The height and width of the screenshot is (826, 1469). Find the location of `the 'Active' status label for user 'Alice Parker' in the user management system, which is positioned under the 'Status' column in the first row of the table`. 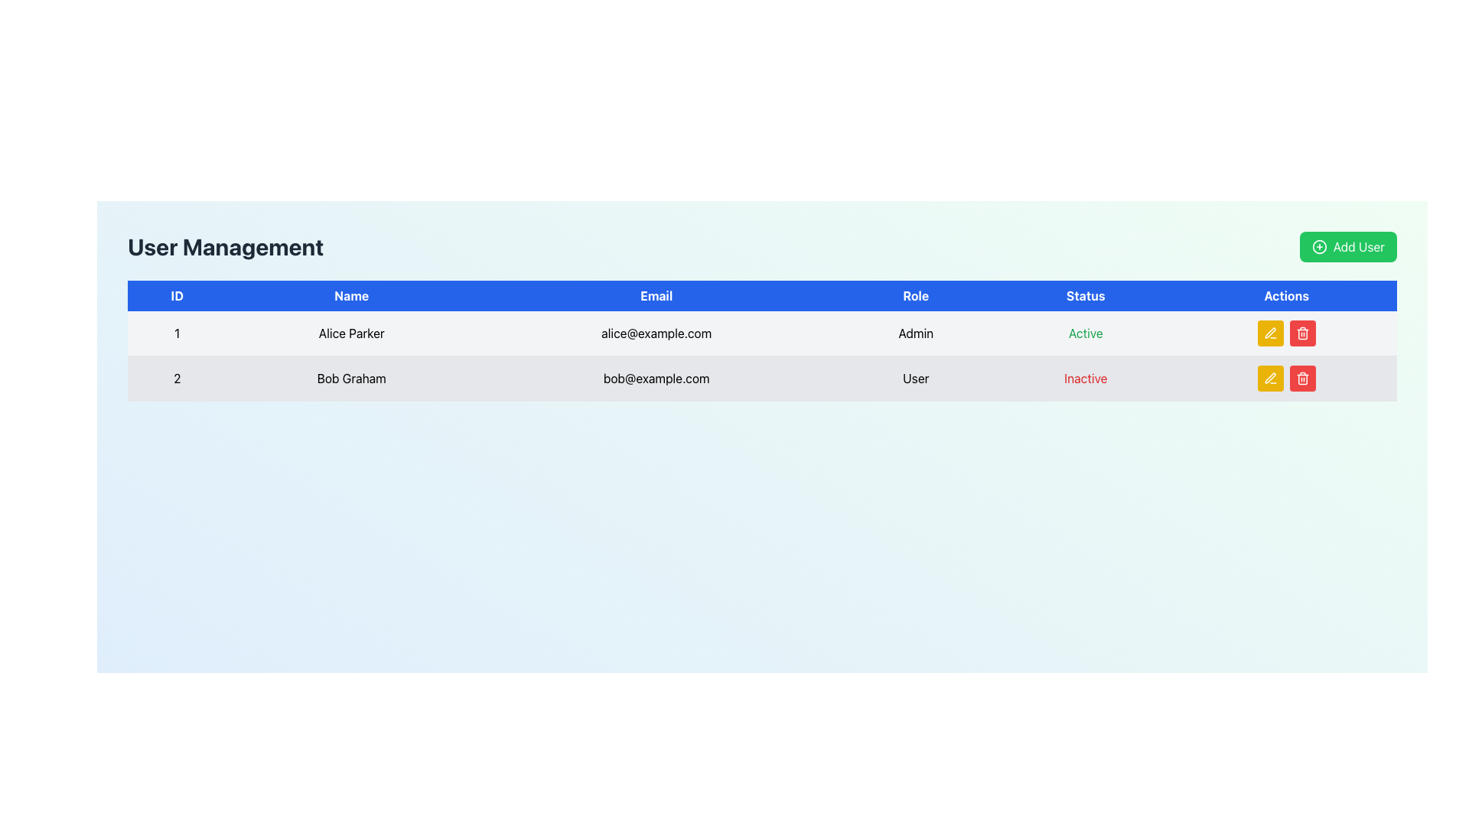

the 'Active' status label for user 'Alice Parker' in the user management system, which is positioned under the 'Status' column in the first row of the table is located at coordinates (1085, 333).